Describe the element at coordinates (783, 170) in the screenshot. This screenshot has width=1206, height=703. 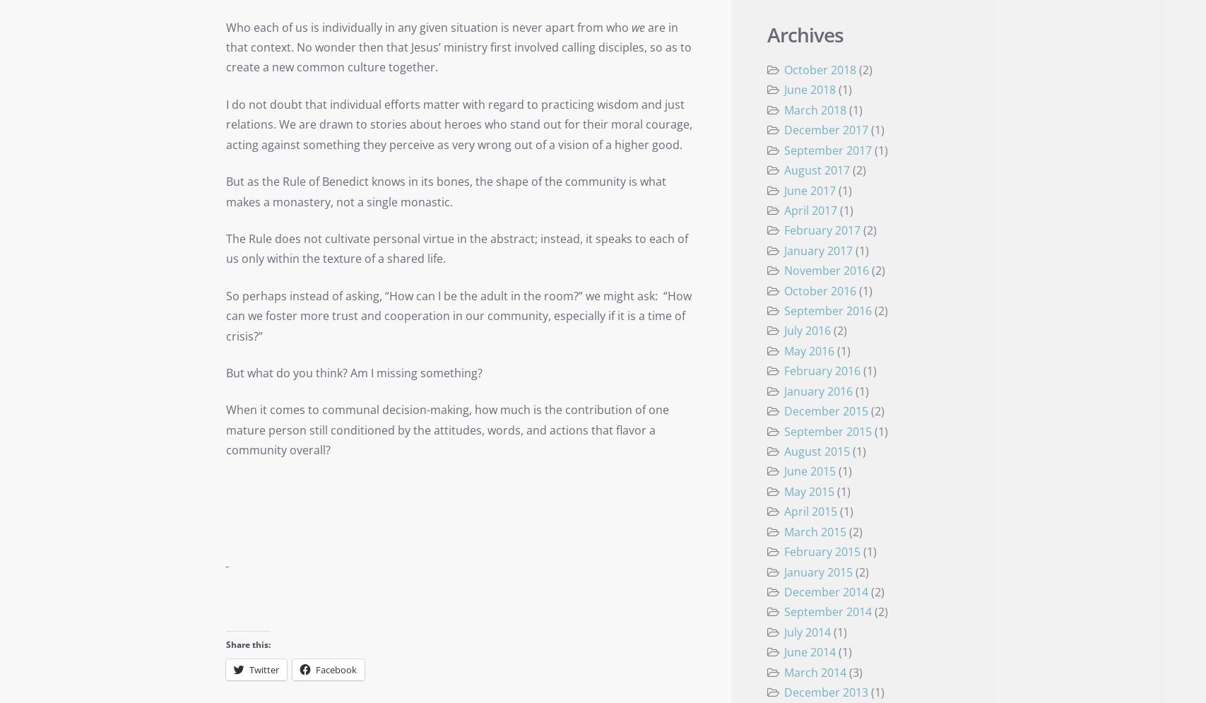
I see `'August 2017'` at that location.